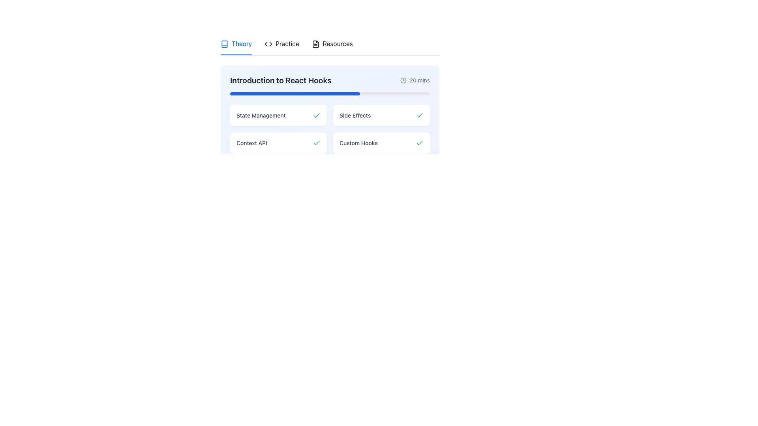 The image size is (758, 426). Describe the element at coordinates (315, 44) in the screenshot. I see `the 'Resources' tab icon (SVG representation)` at that location.